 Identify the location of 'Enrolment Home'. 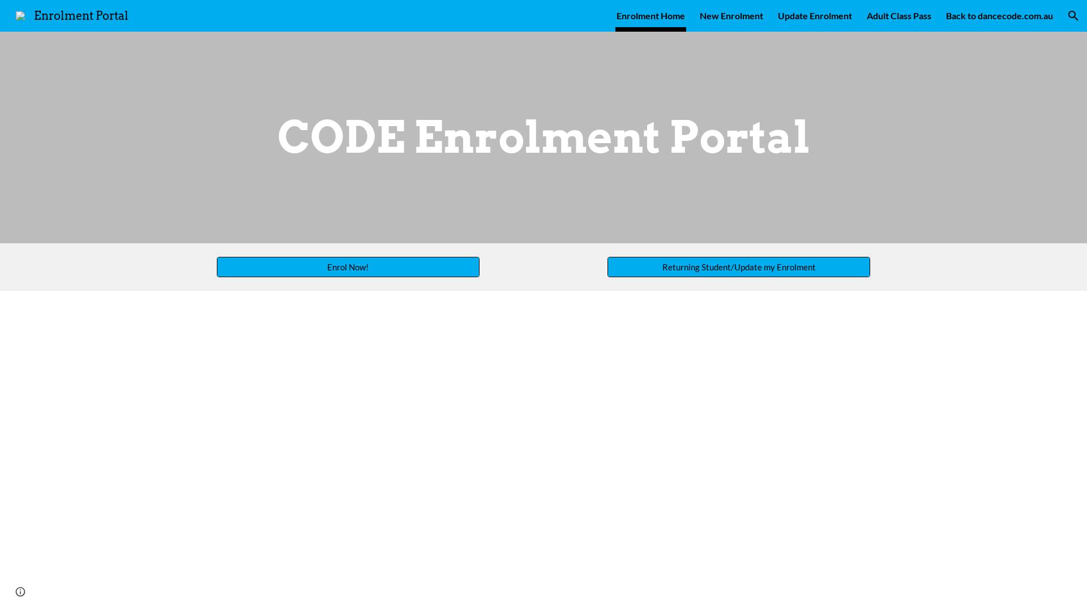
(651, 15).